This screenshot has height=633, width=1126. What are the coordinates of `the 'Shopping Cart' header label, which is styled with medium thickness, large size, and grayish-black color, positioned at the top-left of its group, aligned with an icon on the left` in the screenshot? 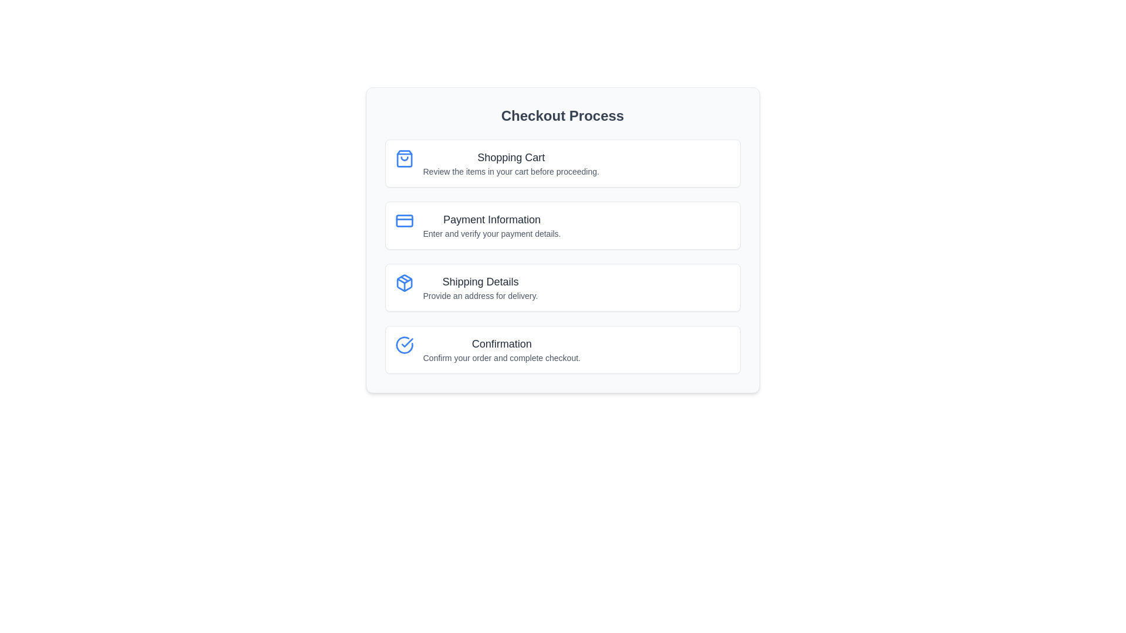 It's located at (511, 157).